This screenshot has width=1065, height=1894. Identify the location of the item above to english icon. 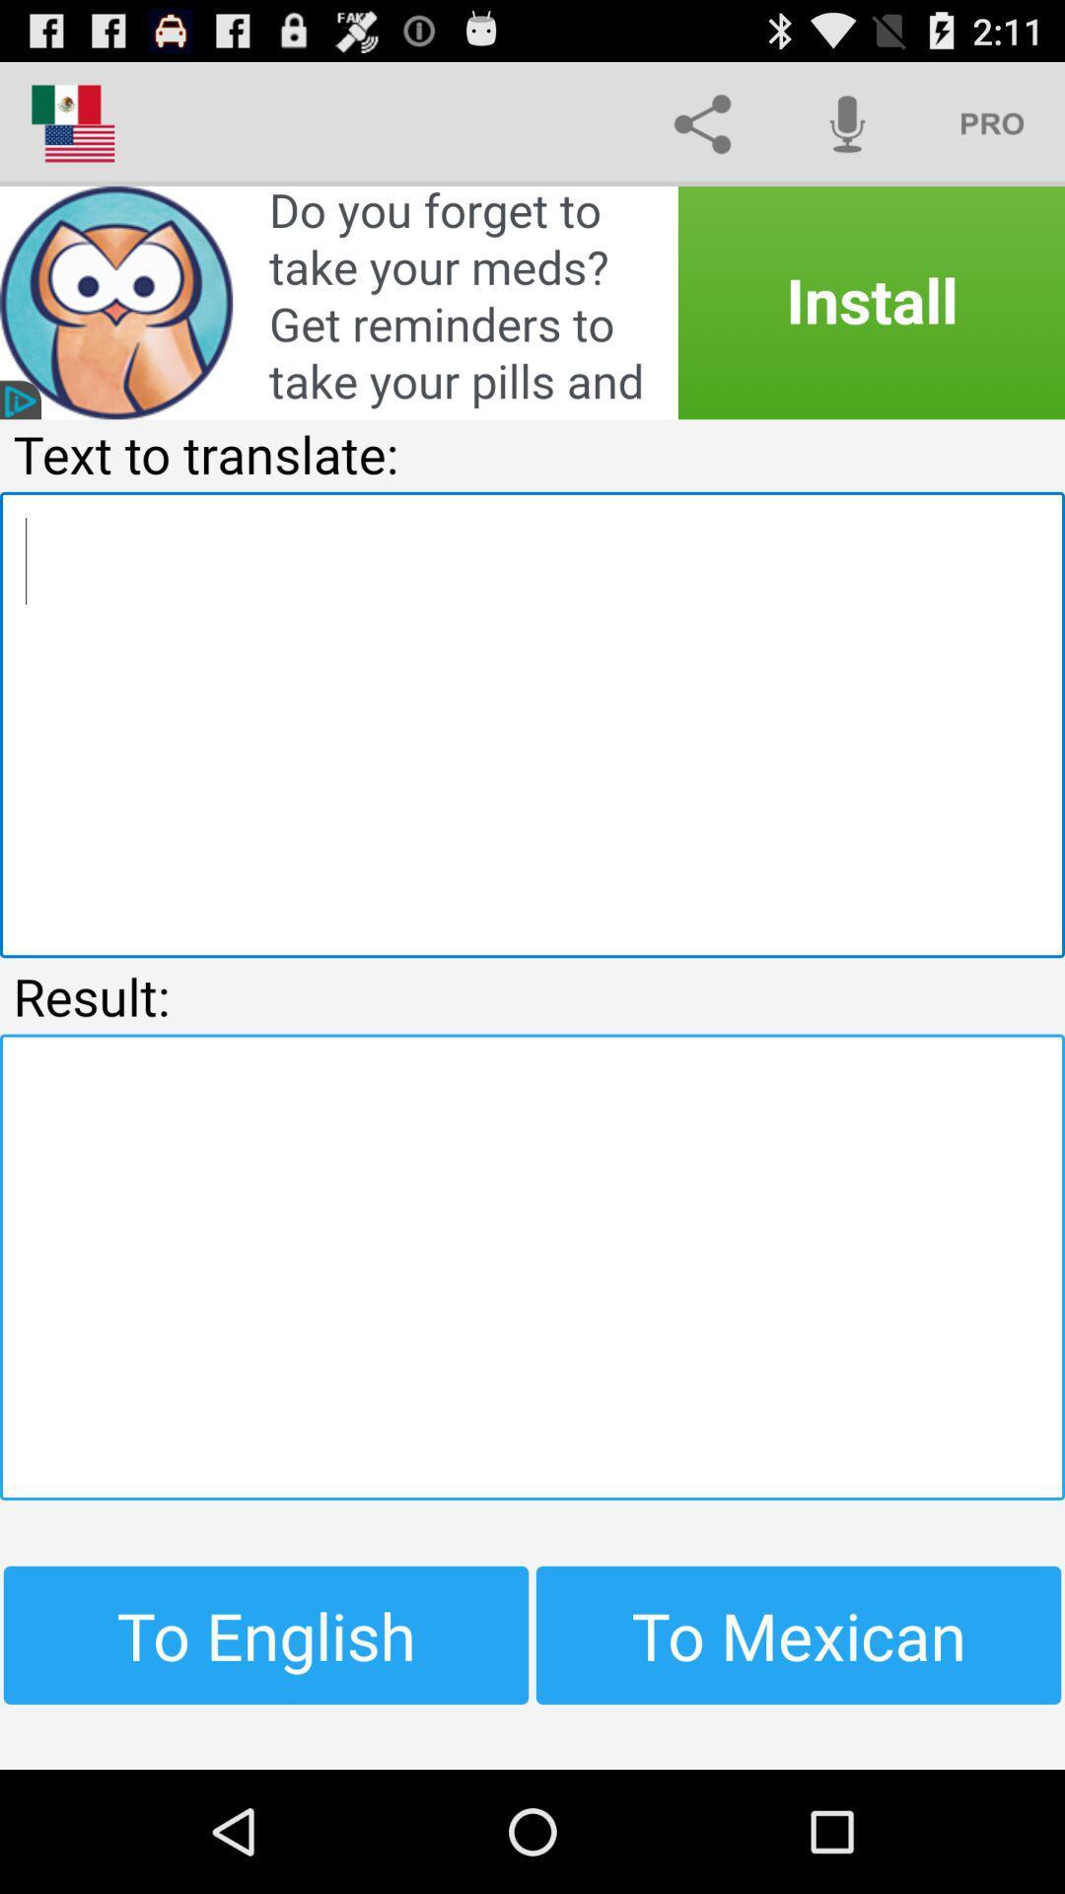
(532, 1267).